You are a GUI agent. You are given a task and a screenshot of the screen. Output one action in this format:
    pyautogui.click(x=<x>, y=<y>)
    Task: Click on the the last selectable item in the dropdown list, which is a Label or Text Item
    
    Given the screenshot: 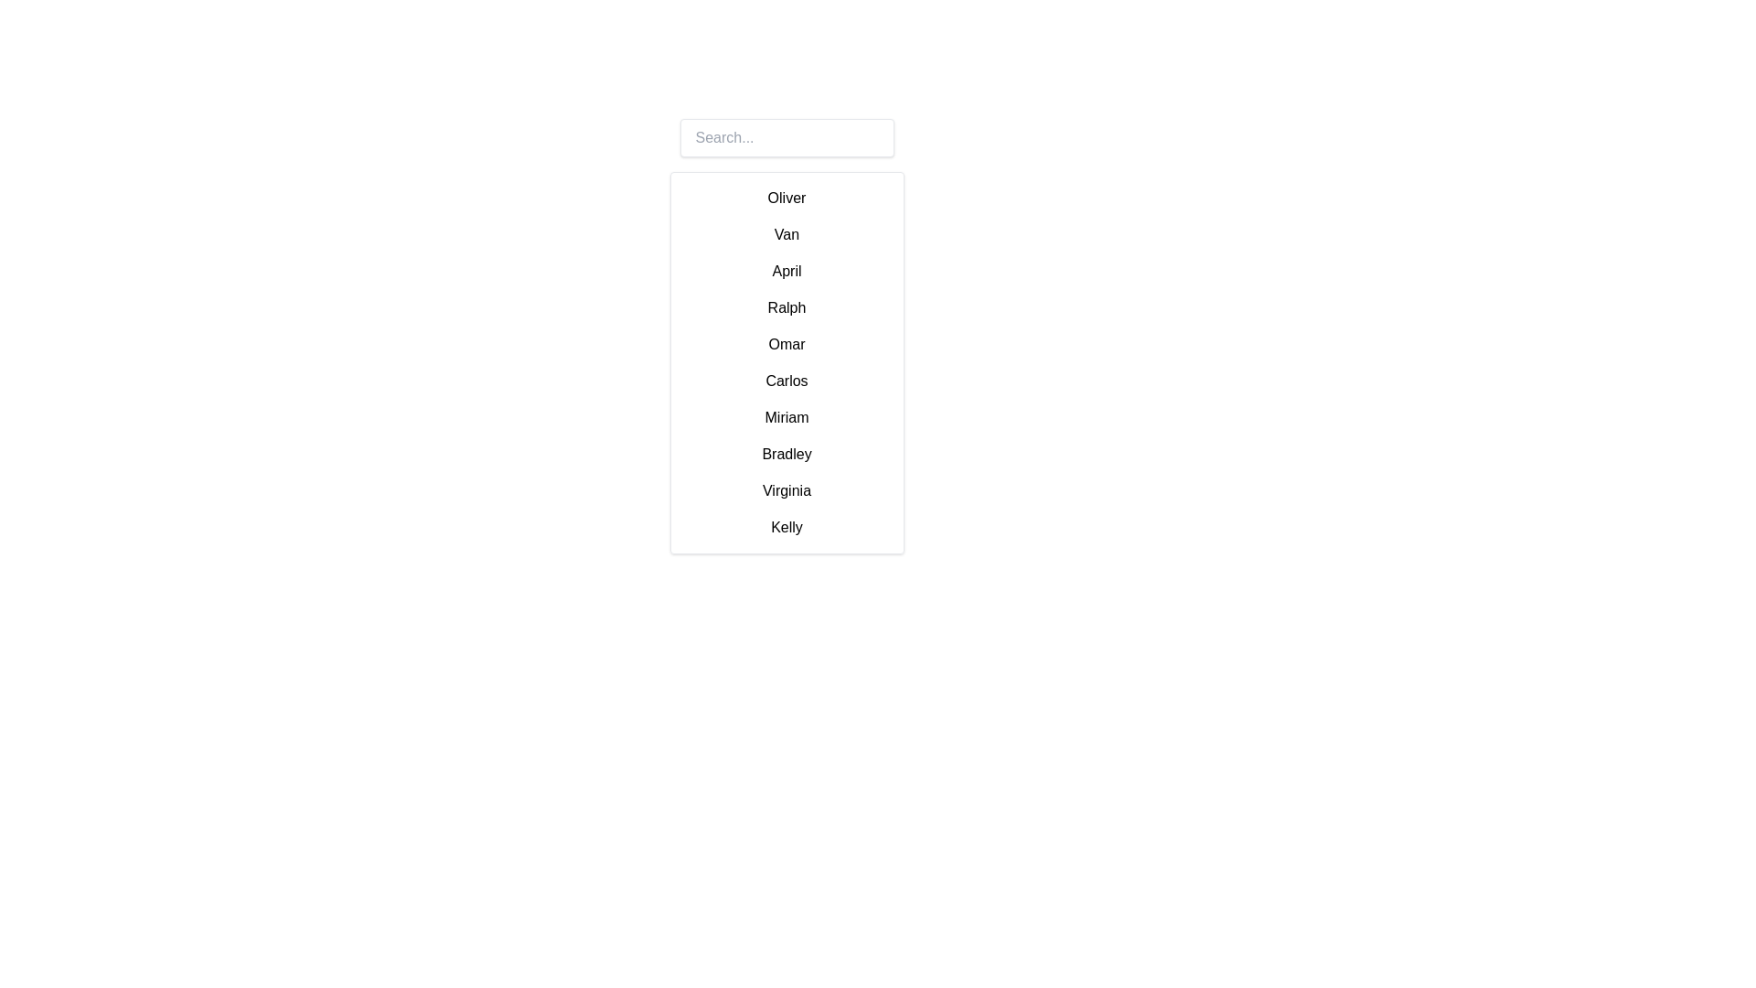 What is the action you would take?
    pyautogui.click(x=787, y=528)
    